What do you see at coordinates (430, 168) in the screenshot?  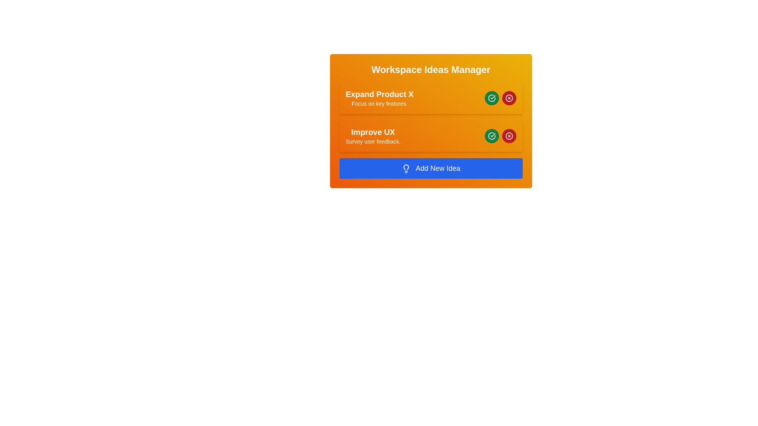 I see `the rectangular blue button labeled 'Add New Idea' with a lightbulb icon` at bounding box center [430, 168].